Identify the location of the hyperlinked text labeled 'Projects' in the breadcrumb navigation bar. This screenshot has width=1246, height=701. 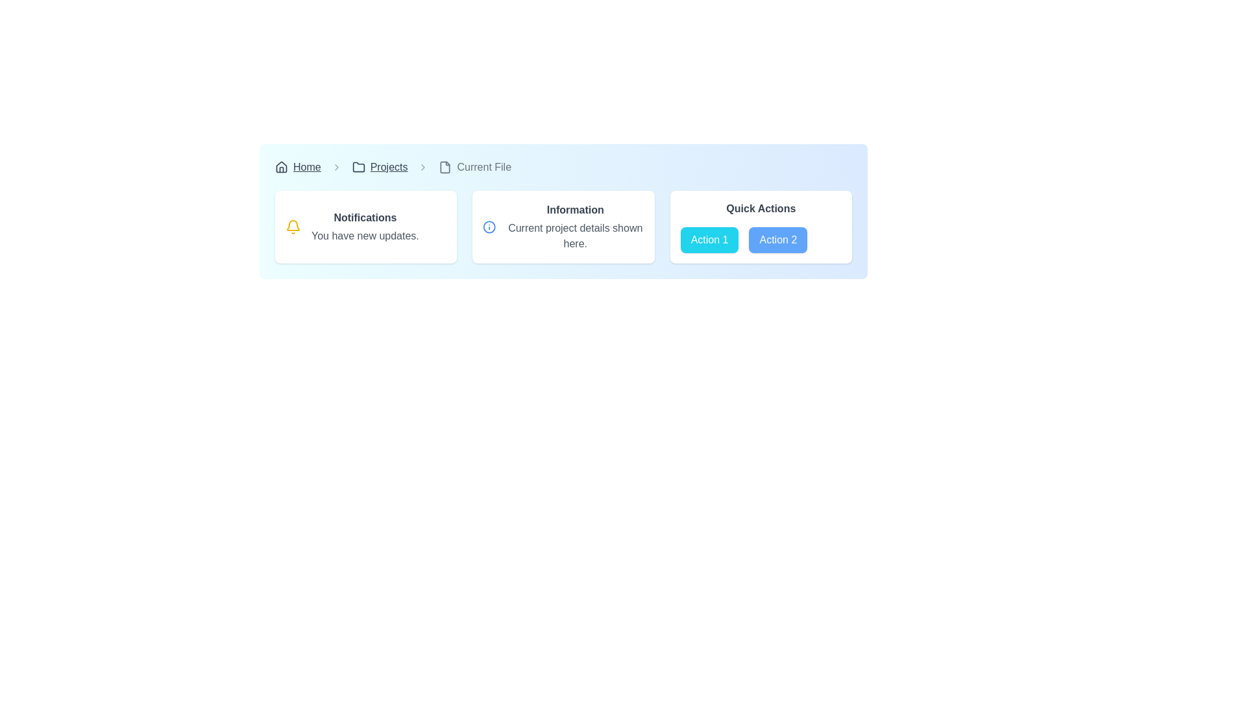
(388, 167).